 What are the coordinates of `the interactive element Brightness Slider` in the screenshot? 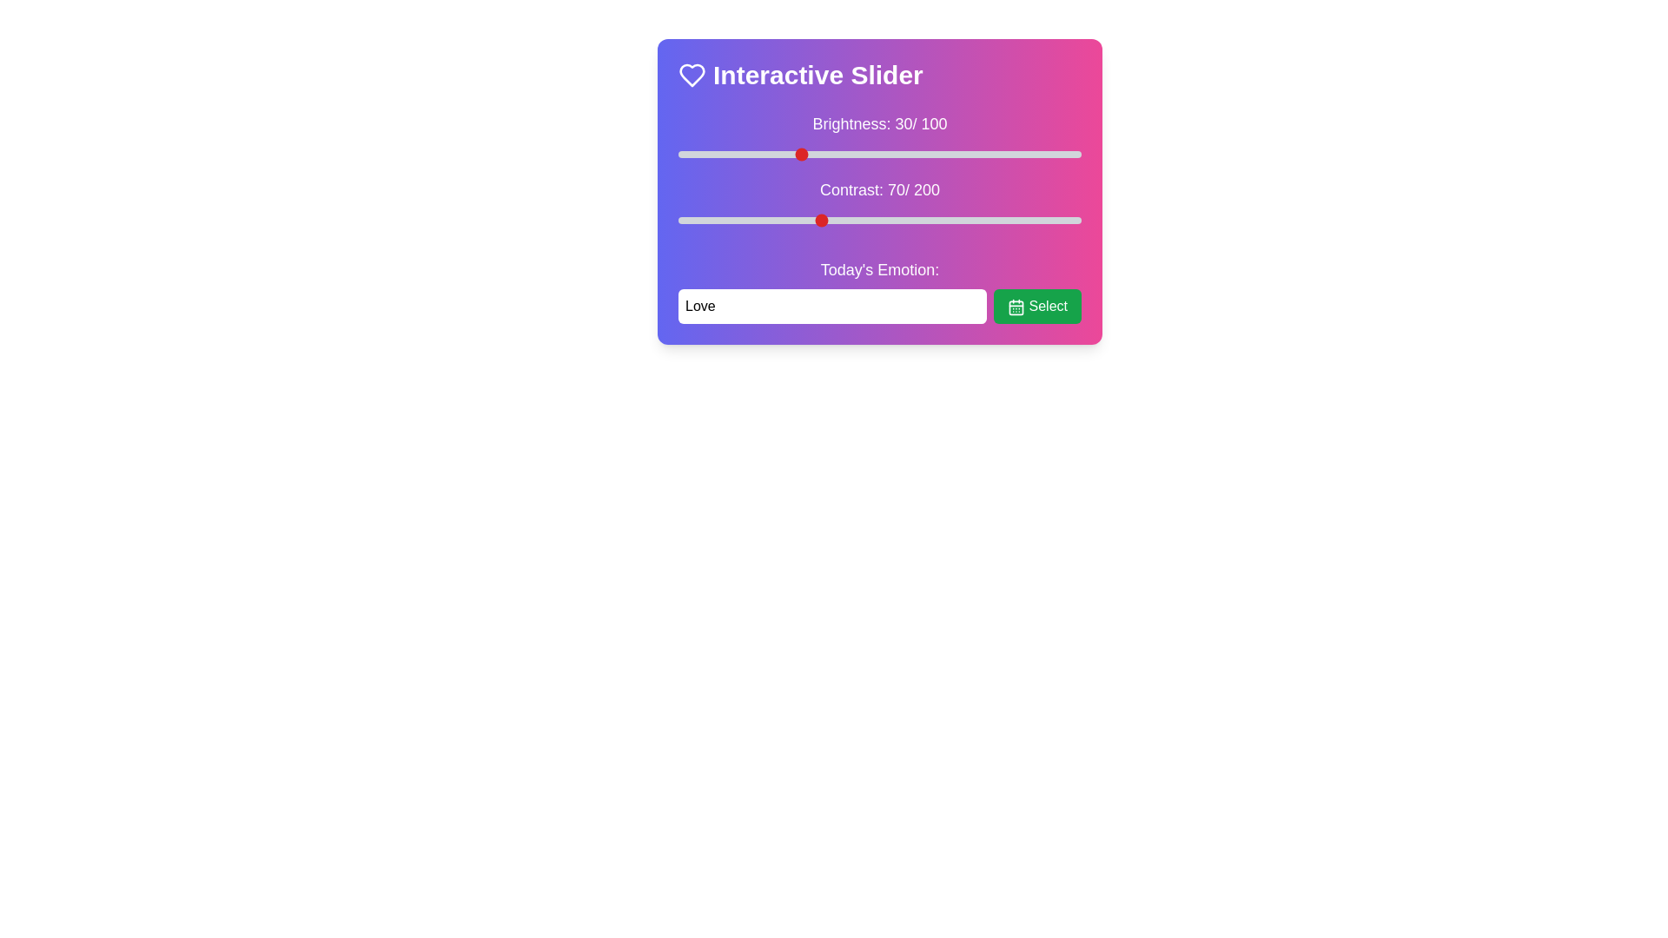 It's located at (879, 153).